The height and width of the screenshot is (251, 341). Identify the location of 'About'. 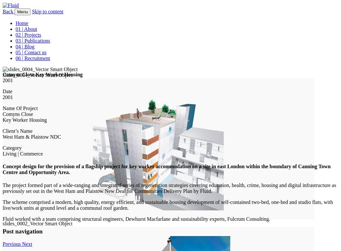
(30, 29).